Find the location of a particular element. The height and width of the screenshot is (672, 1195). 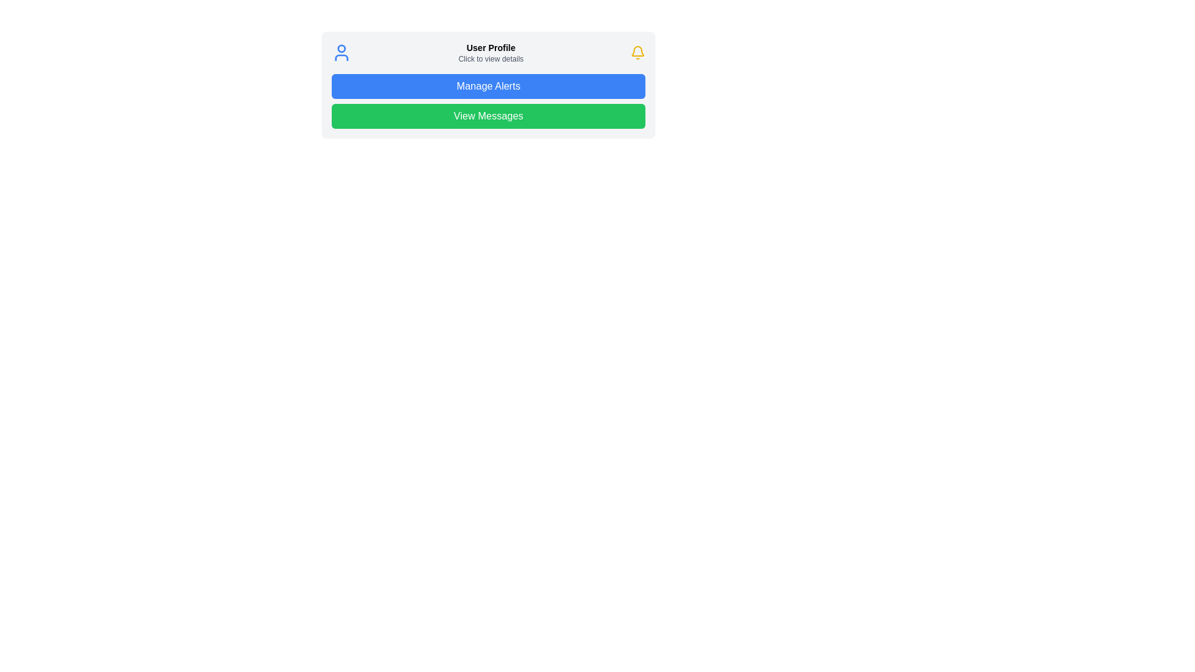

the green rectangular button labeled 'View Messages' is located at coordinates (488, 116).